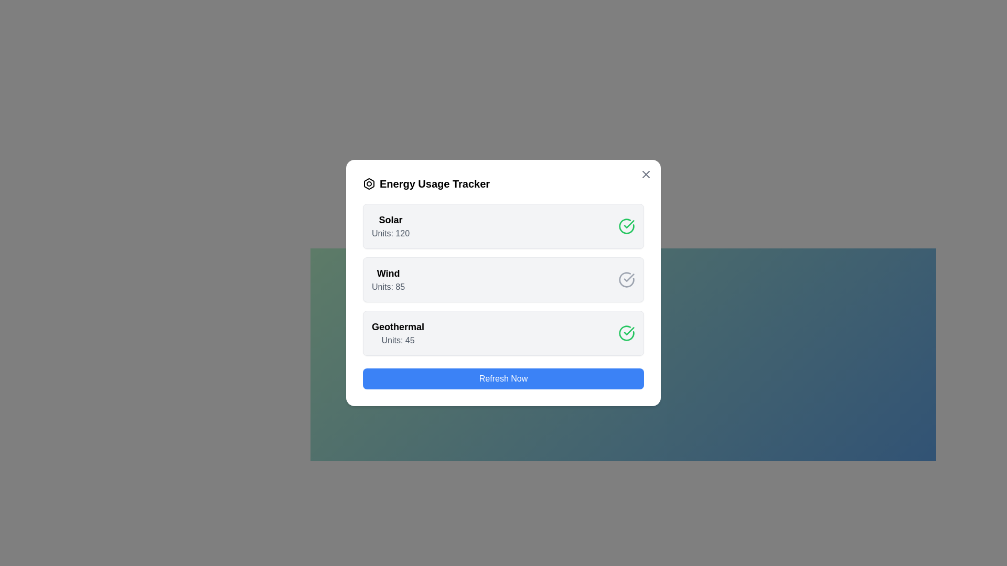 Image resolution: width=1007 pixels, height=566 pixels. I want to click on the text label that contains the word 'Solar', which is styled in a bold, larger font and serves as a primary descriptor above the text 'Units: 120', so click(390, 220).